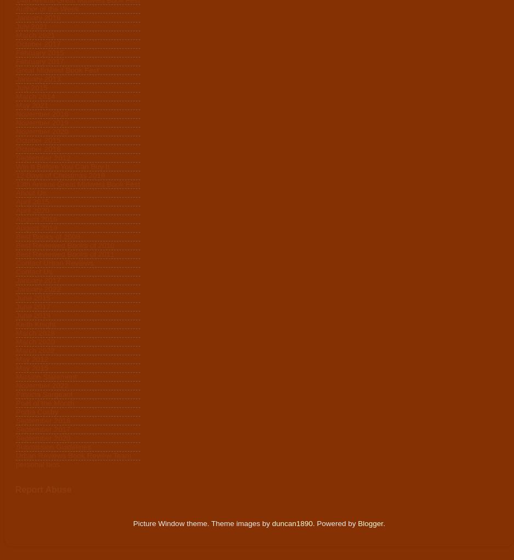  I want to click on 'Author of the Week', so click(47, 9).